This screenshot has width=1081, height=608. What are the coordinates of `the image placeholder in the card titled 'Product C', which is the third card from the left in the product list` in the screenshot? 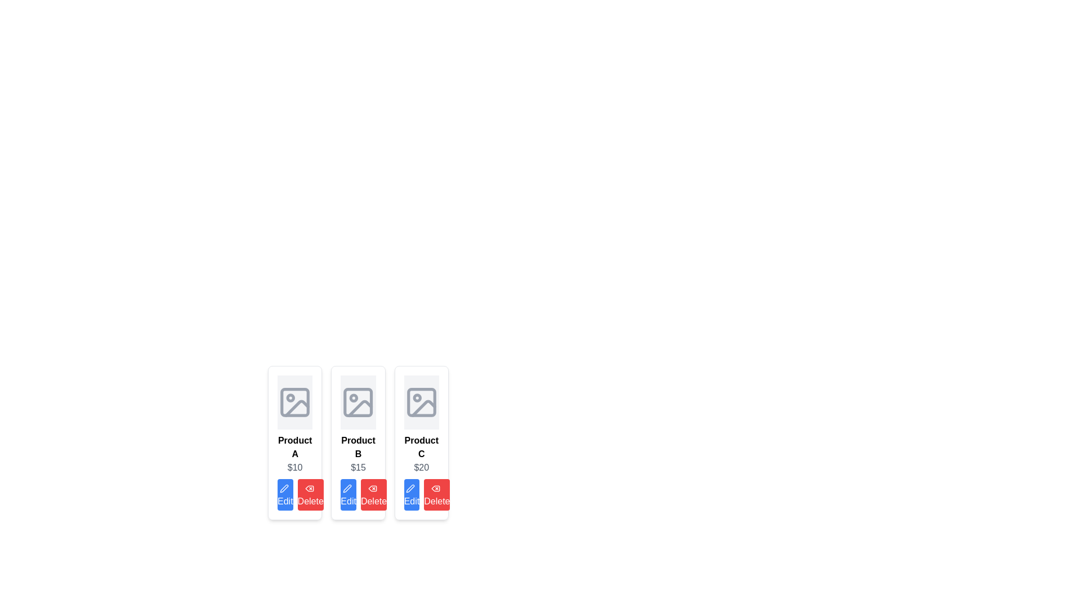 It's located at (421, 401).